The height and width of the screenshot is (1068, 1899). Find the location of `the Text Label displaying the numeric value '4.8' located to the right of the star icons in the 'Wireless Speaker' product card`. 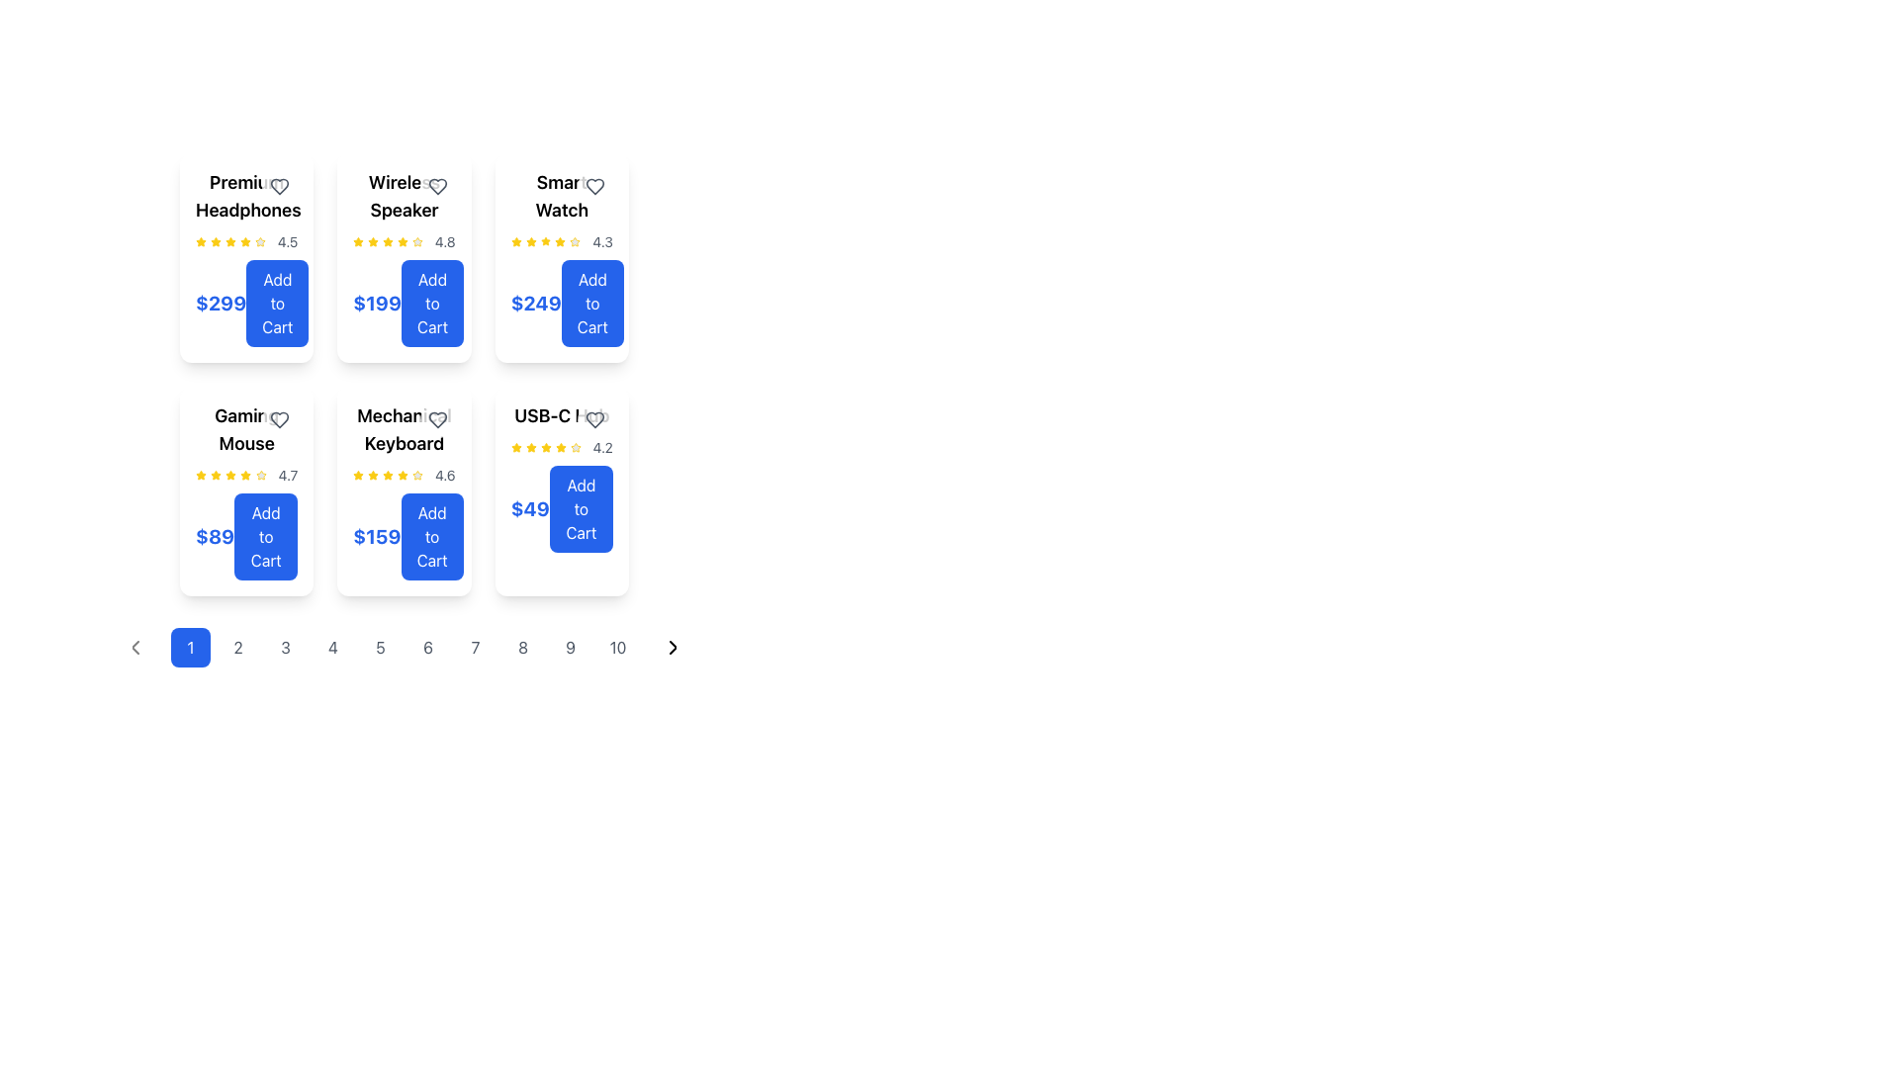

the Text Label displaying the numeric value '4.8' located to the right of the star icons in the 'Wireless Speaker' product card is located at coordinates (444, 241).